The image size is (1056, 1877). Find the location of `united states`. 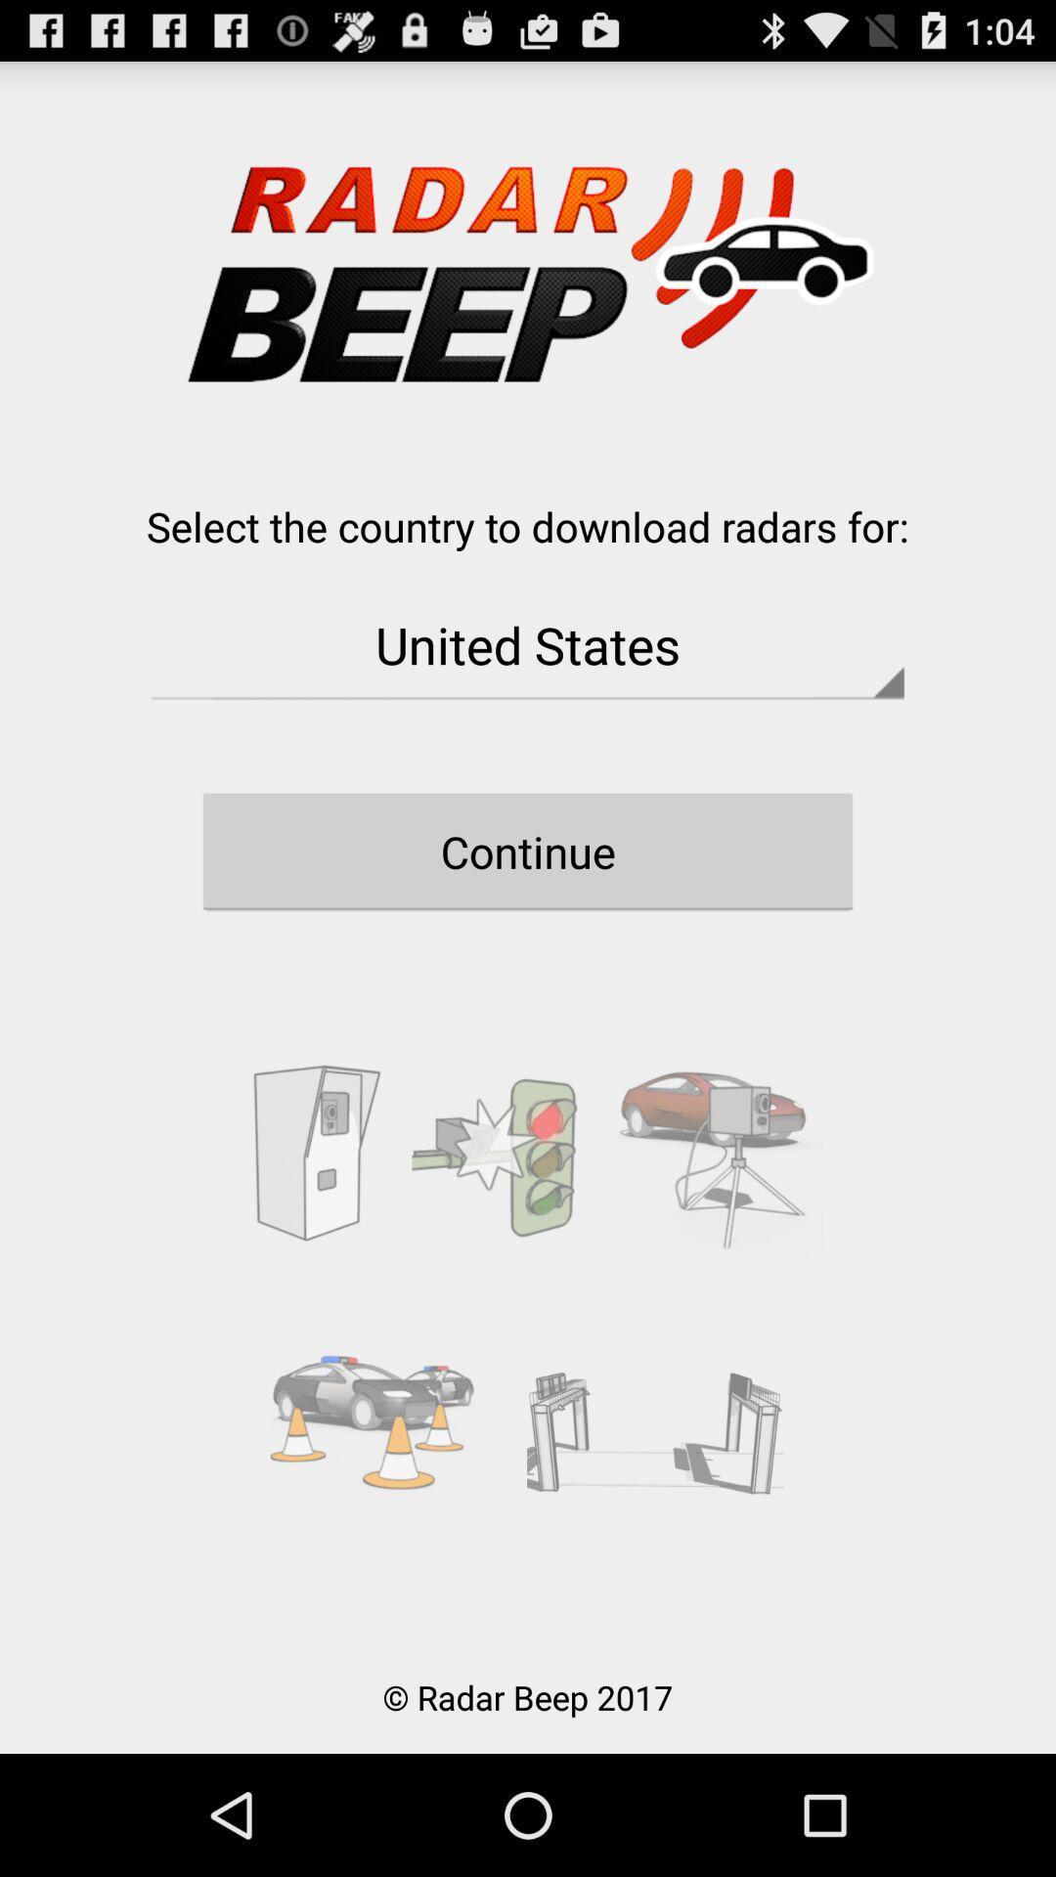

united states is located at coordinates (528, 644).